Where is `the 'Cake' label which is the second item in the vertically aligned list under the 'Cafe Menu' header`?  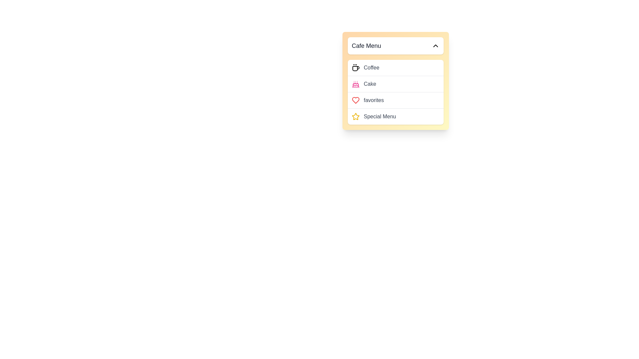
the 'Cake' label which is the second item in the vertically aligned list under the 'Cafe Menu' header is located at coordinates (369, 84).